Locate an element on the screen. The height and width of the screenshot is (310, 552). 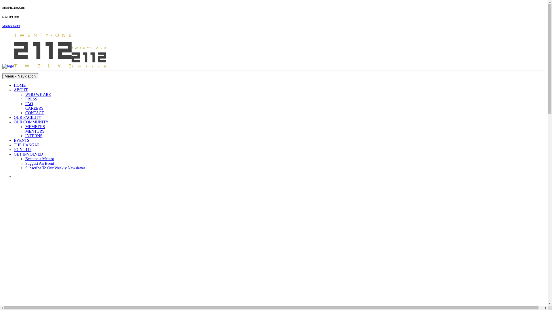
'INTERNS' is located at coordinates (33, 136).